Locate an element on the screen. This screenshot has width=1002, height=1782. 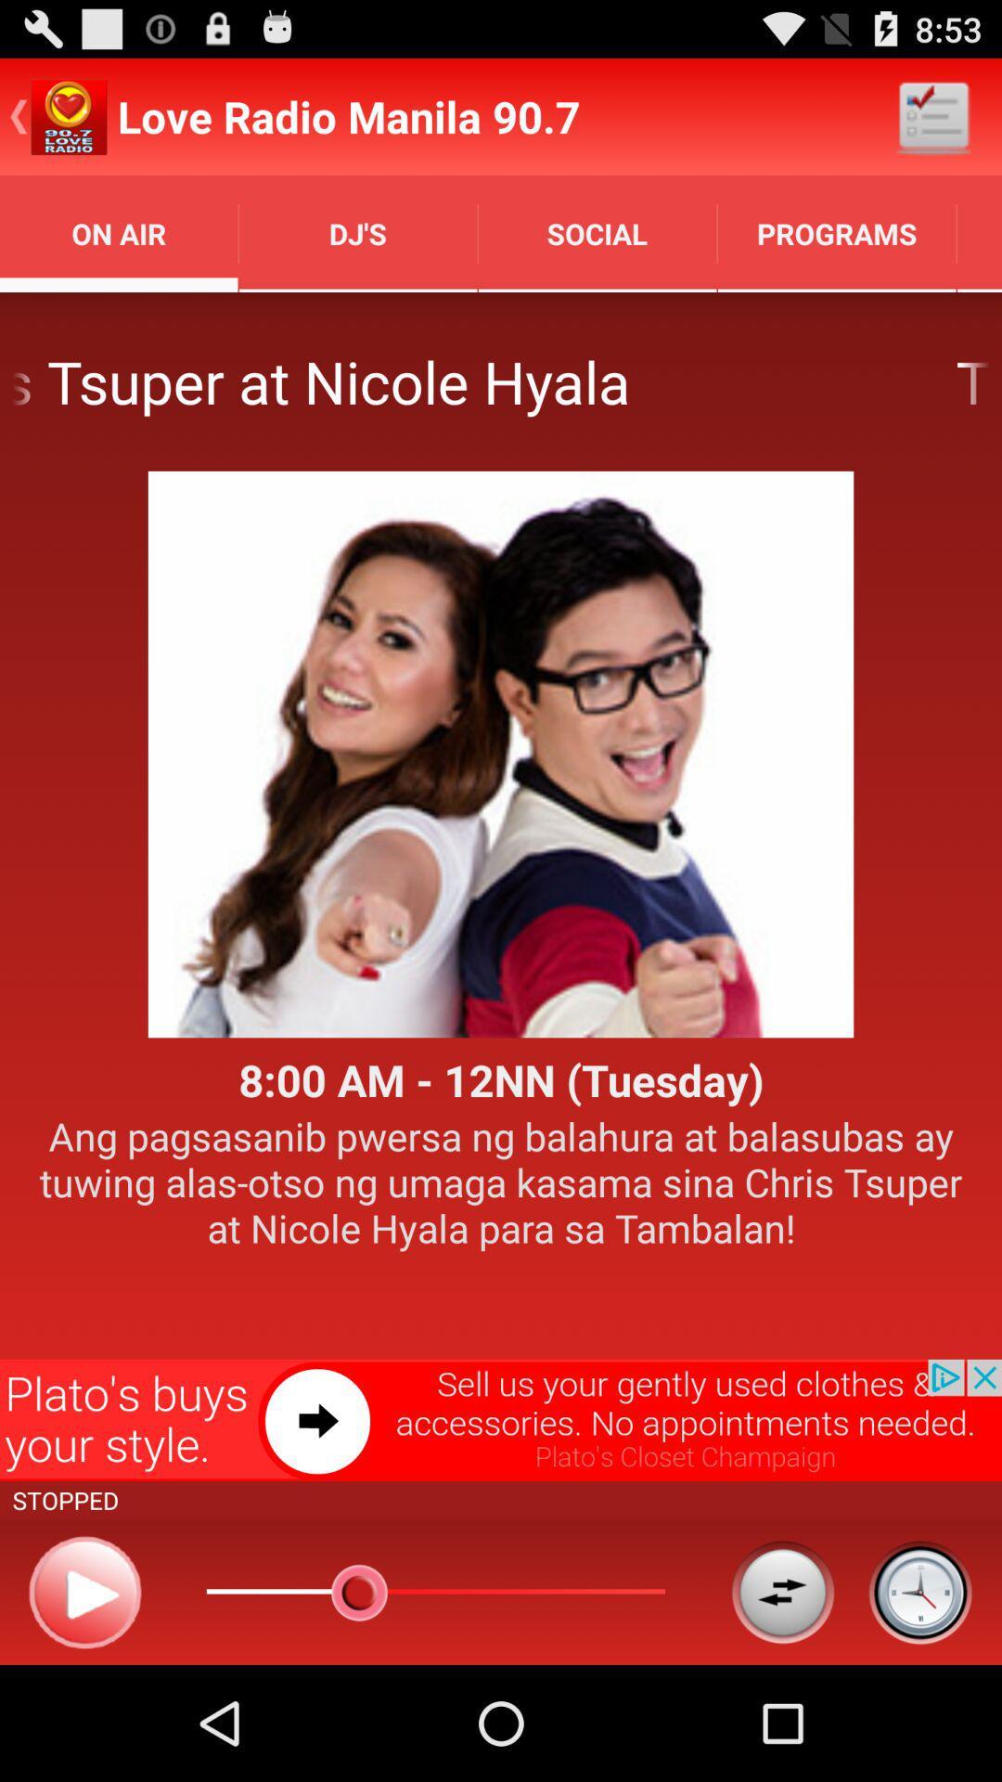
radio is located at coordinates (84, 1591).